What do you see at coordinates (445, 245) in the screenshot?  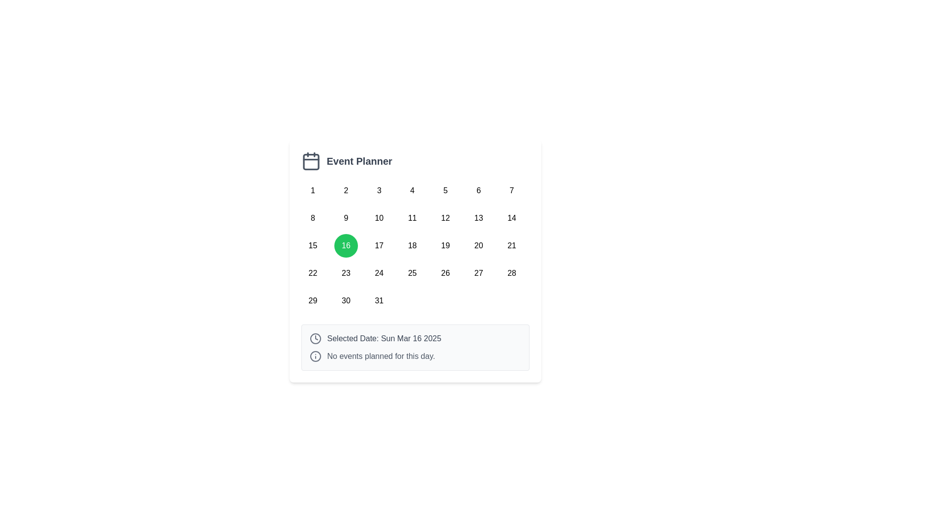 I see `the circular calendar button displaying the number '19' in the 'Event Planner' section` at bounding box center [445, 245].